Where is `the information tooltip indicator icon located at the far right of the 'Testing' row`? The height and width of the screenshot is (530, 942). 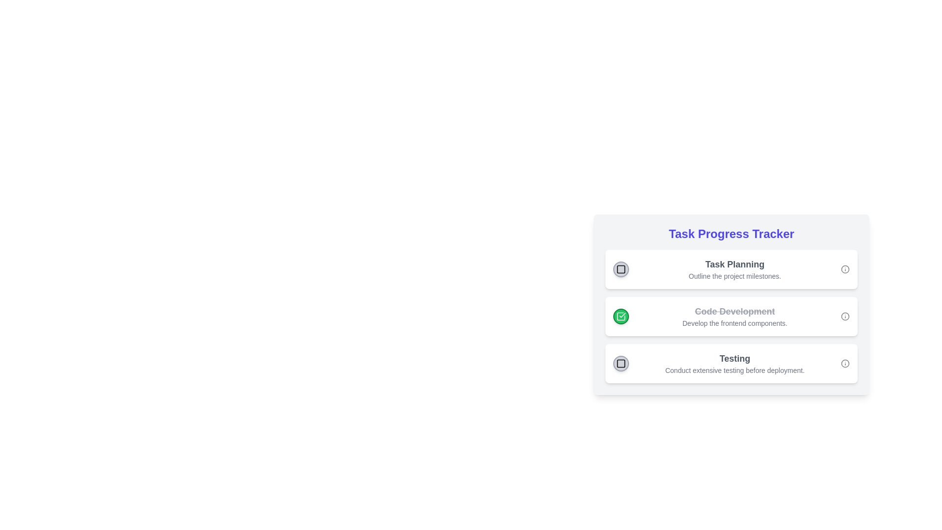 the information tooltip indicator icon located at the far right of the 'Testing' row is located at coordinates (845, 363).